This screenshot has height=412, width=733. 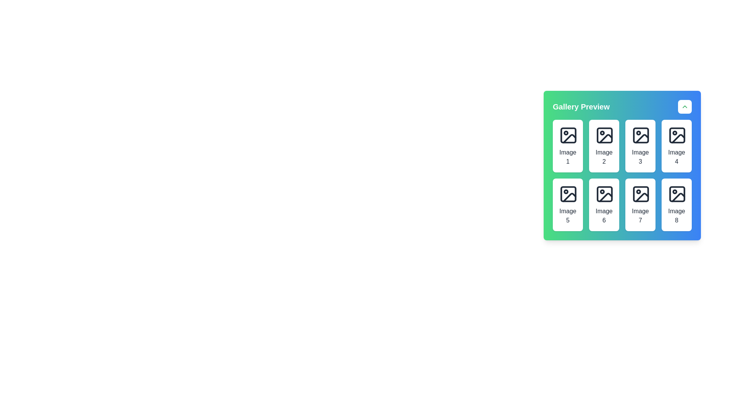 What do you see at coordinates (570, 138) in the screenshot?
I see `the icon representing an image placeholder located within the first image thumbnail of the gallery preview panel` at bounding box center [570, 138].